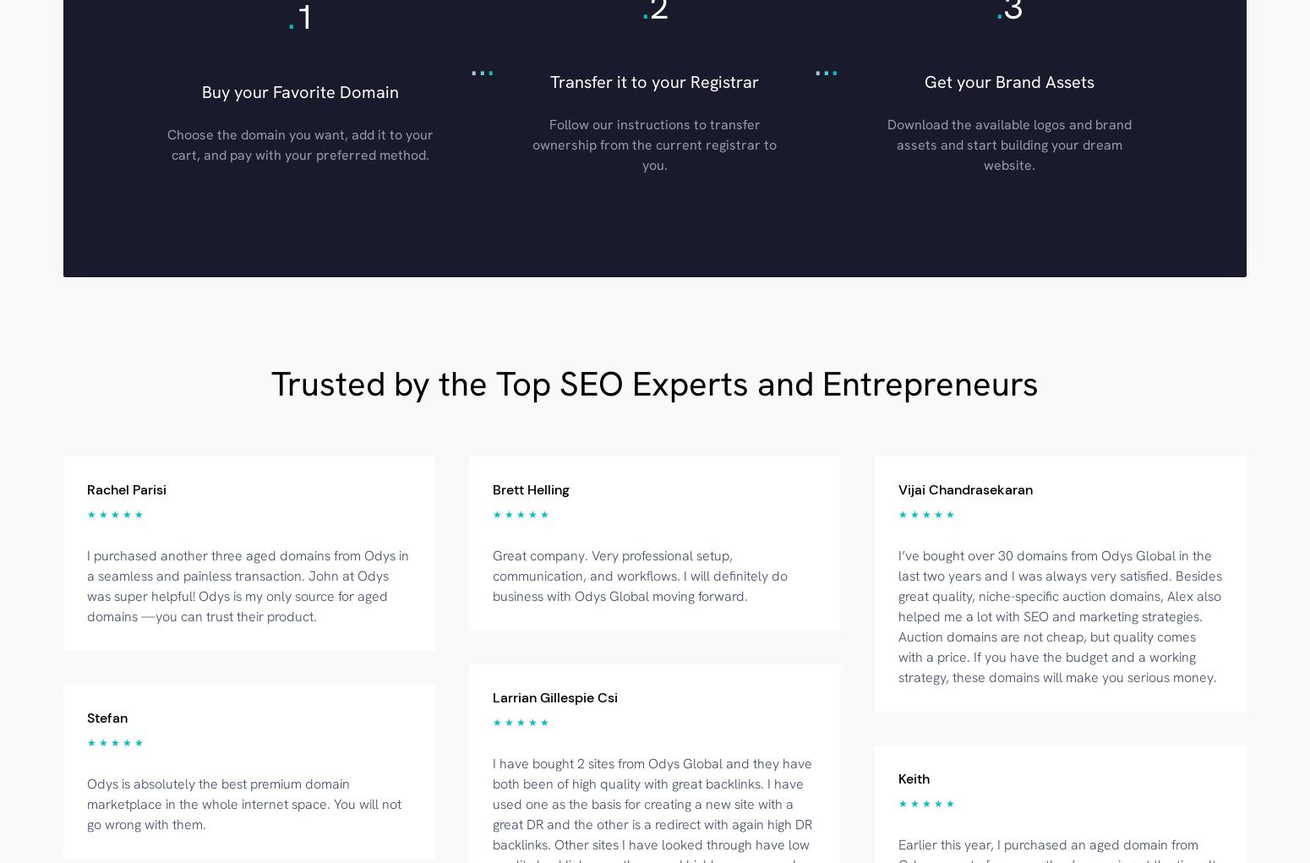 This screenshot has height=863, width=1310. Describe the element at coordinates (1008, 79) in the screenshot. I see `'Get your Brand Assets'` at that location.